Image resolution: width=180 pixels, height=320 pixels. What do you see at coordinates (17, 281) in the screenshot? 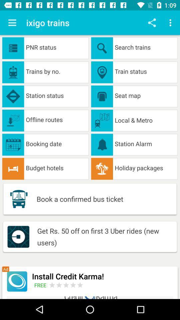
I see `tap to install` at bounding box center [17, 281].